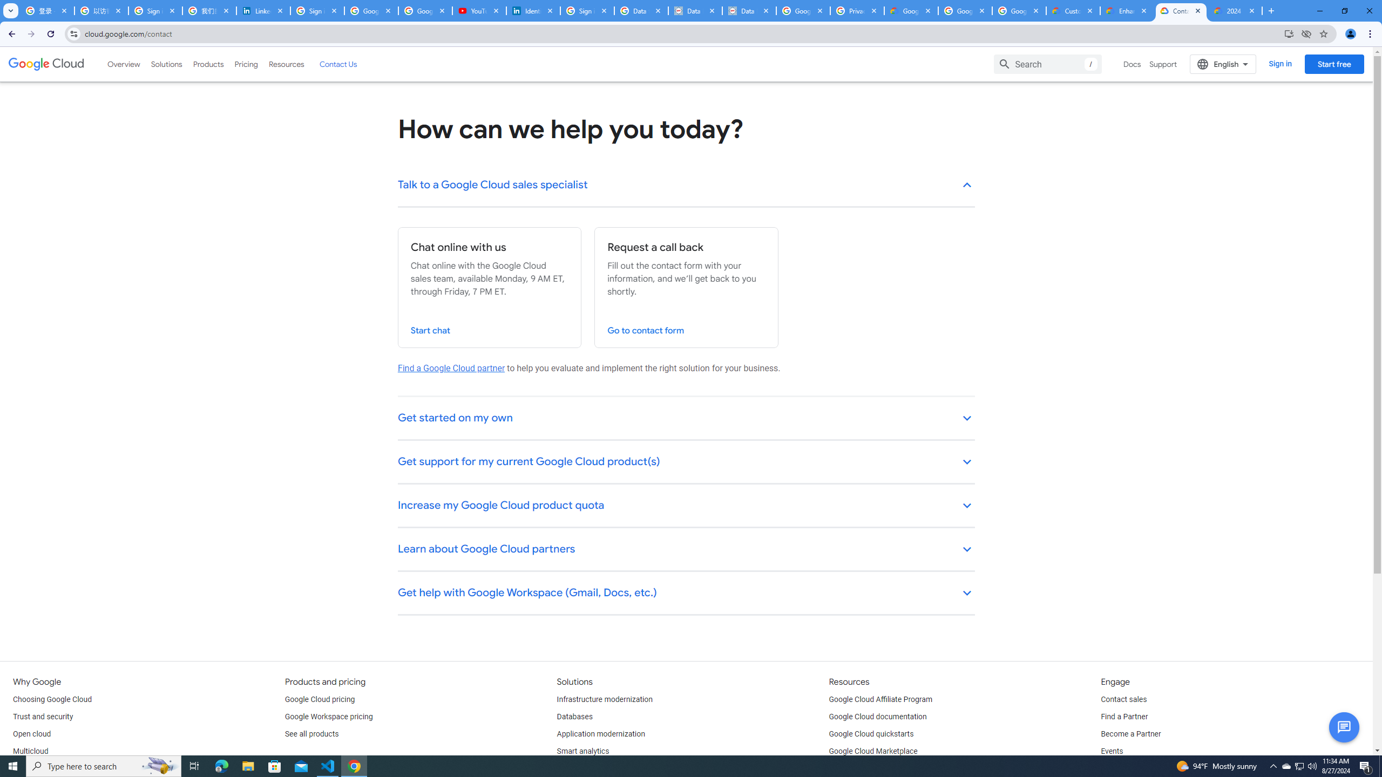 Image resolution: width=1382 pixels, height=777 pixels. What do you see at coordinates (605, 700) in the screenshot?
I see `'Infrastructure modernization'` at bounding box center [605, 700].